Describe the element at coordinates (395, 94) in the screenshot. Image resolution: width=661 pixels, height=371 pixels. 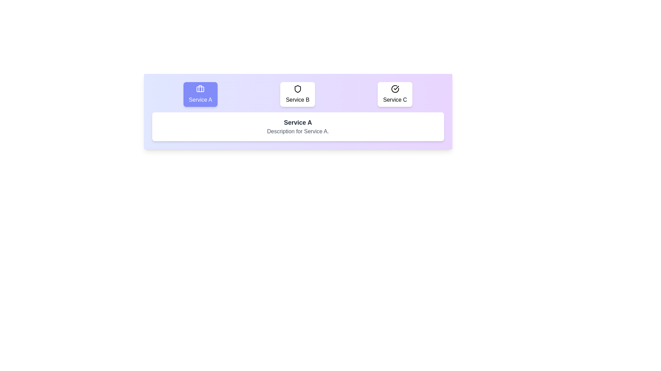
I see `the button labeled 'Service C', which has a white background, a checkmark icon in a circle above the text` at that location.